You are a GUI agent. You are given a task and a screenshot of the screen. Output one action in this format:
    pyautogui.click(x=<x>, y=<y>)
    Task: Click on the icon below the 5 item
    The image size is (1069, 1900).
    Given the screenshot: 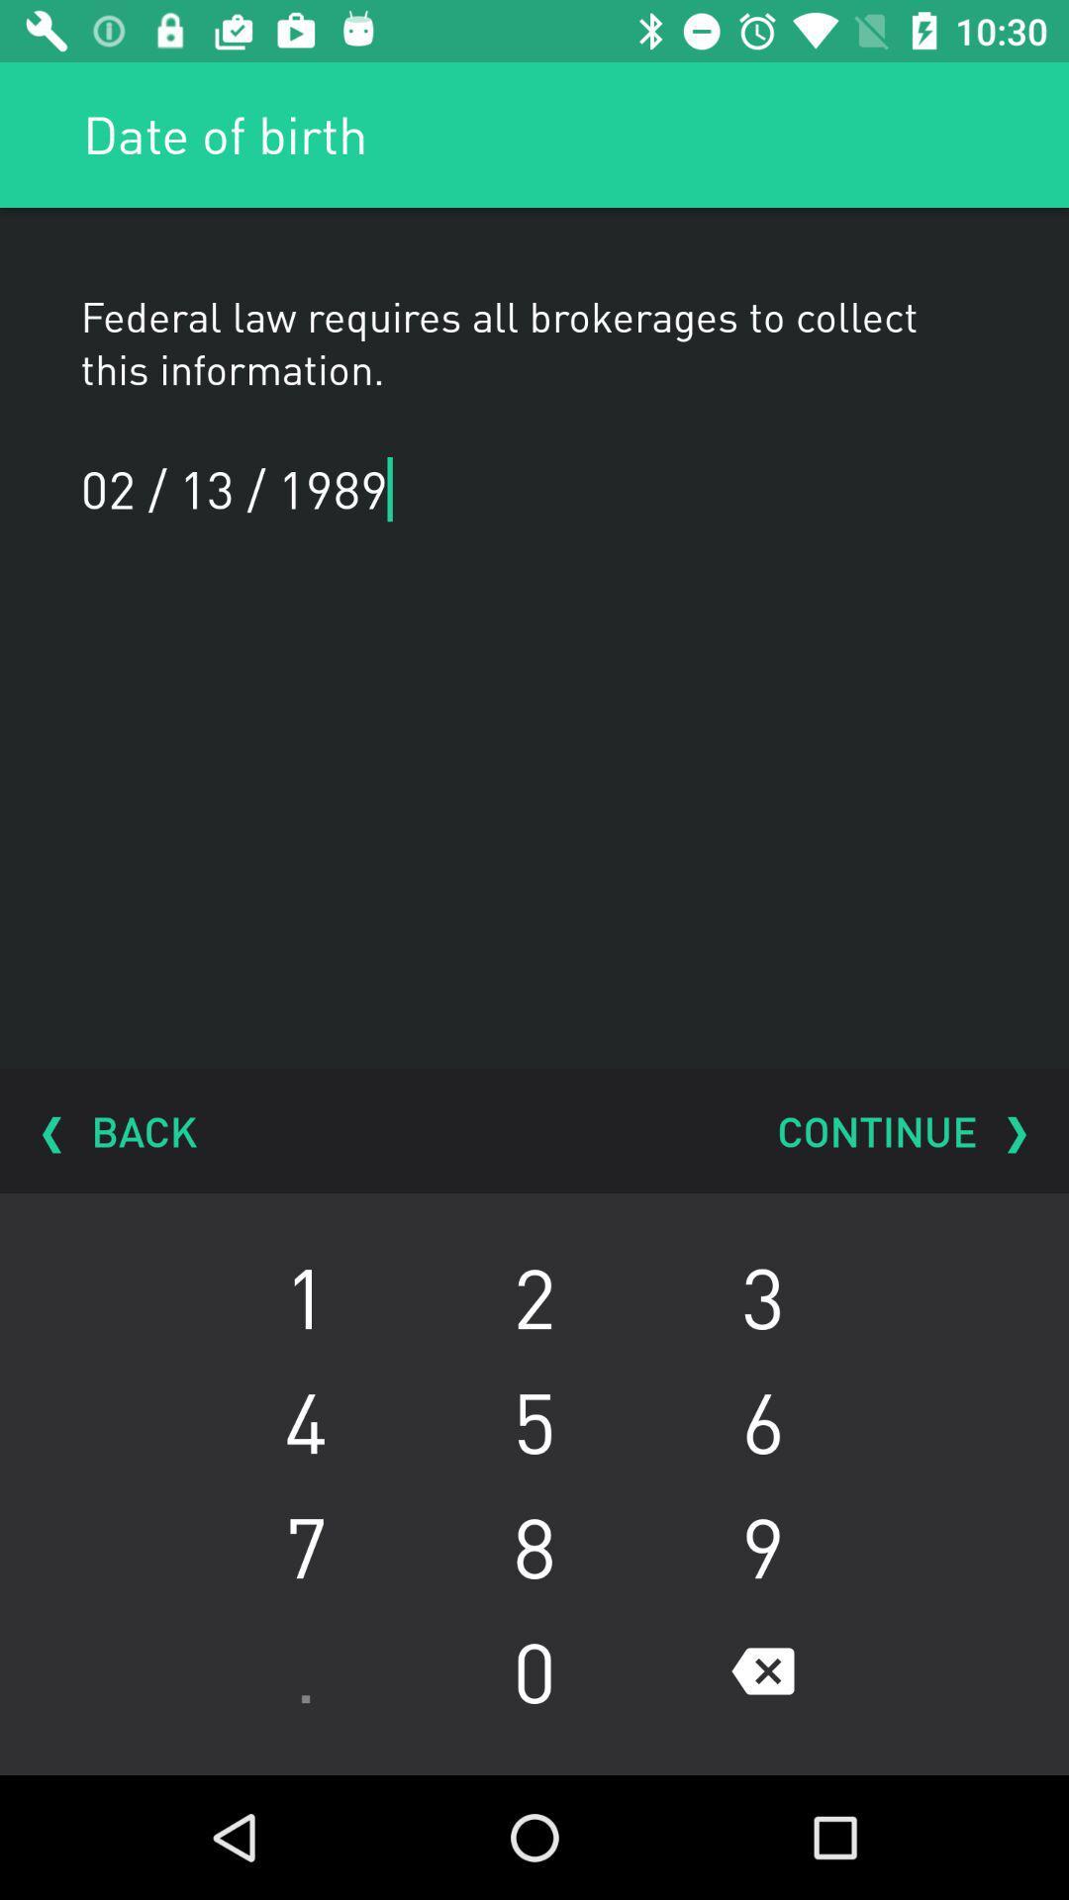 What is the action you would take?
    pyautogui.click(x=762, y=1546)
    